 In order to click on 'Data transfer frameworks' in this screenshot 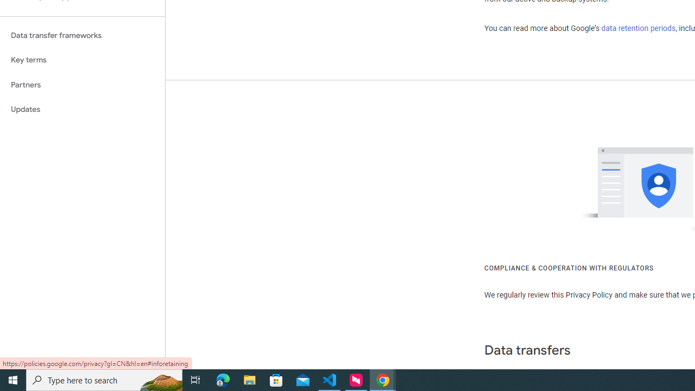, I will do `click(82, 35)`.